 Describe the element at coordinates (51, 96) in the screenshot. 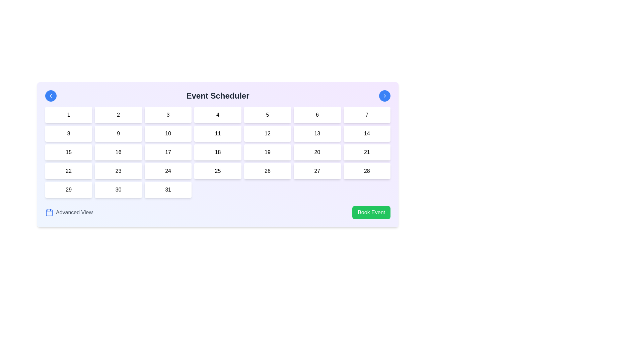

I see `the blue rounded button with a white left-pointing chevron icon` at that location.